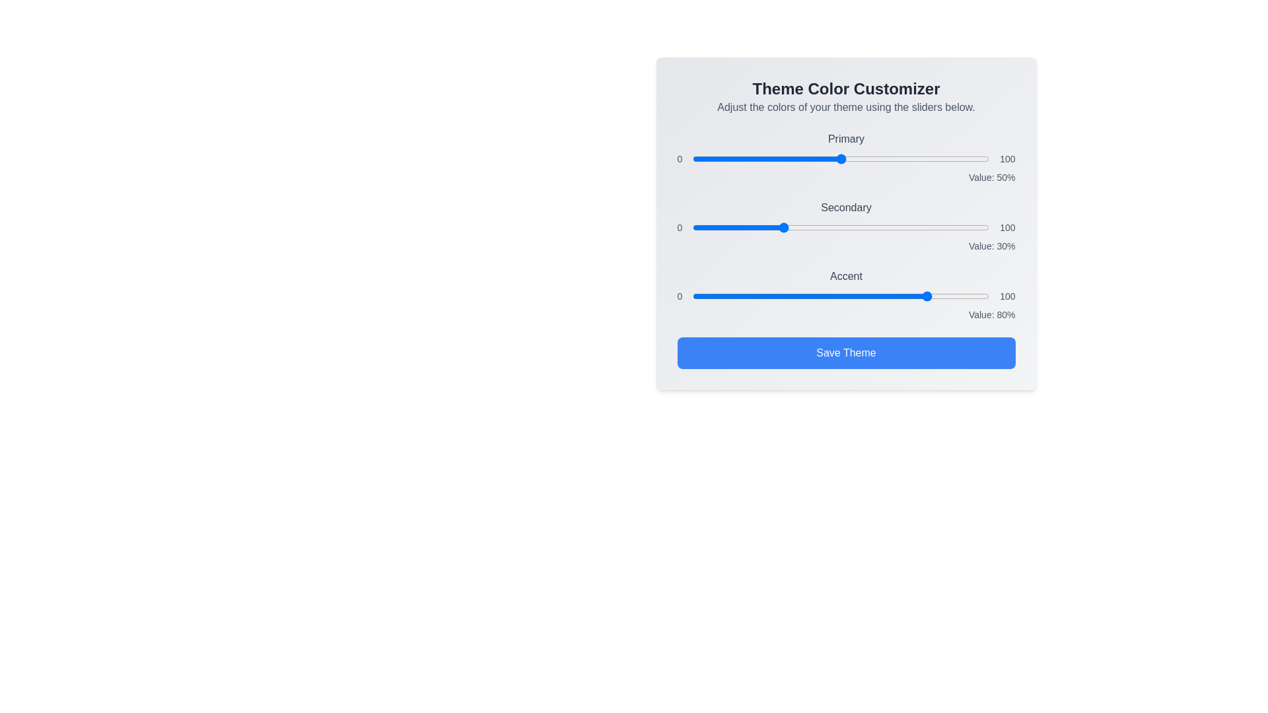 Image resolution: width=1268 pixels, height=713 pixels. What do you see at coordinates (710, 158) in the screenshot?
I see `the 'Primary' color slider to 6%` at bounding box center [710, 158].